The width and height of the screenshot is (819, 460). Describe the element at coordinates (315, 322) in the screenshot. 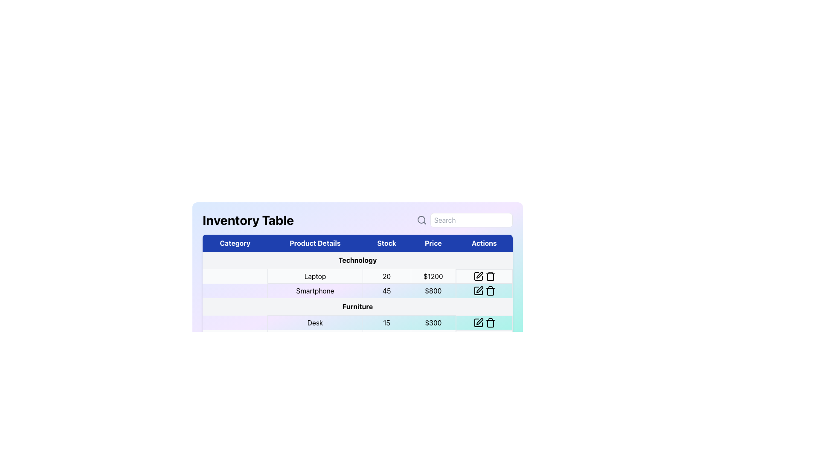

I see `text displayed in the 'Product Details' column for the product 'Desk', which is centrally aligned within its cell in the inventory table` at that location.